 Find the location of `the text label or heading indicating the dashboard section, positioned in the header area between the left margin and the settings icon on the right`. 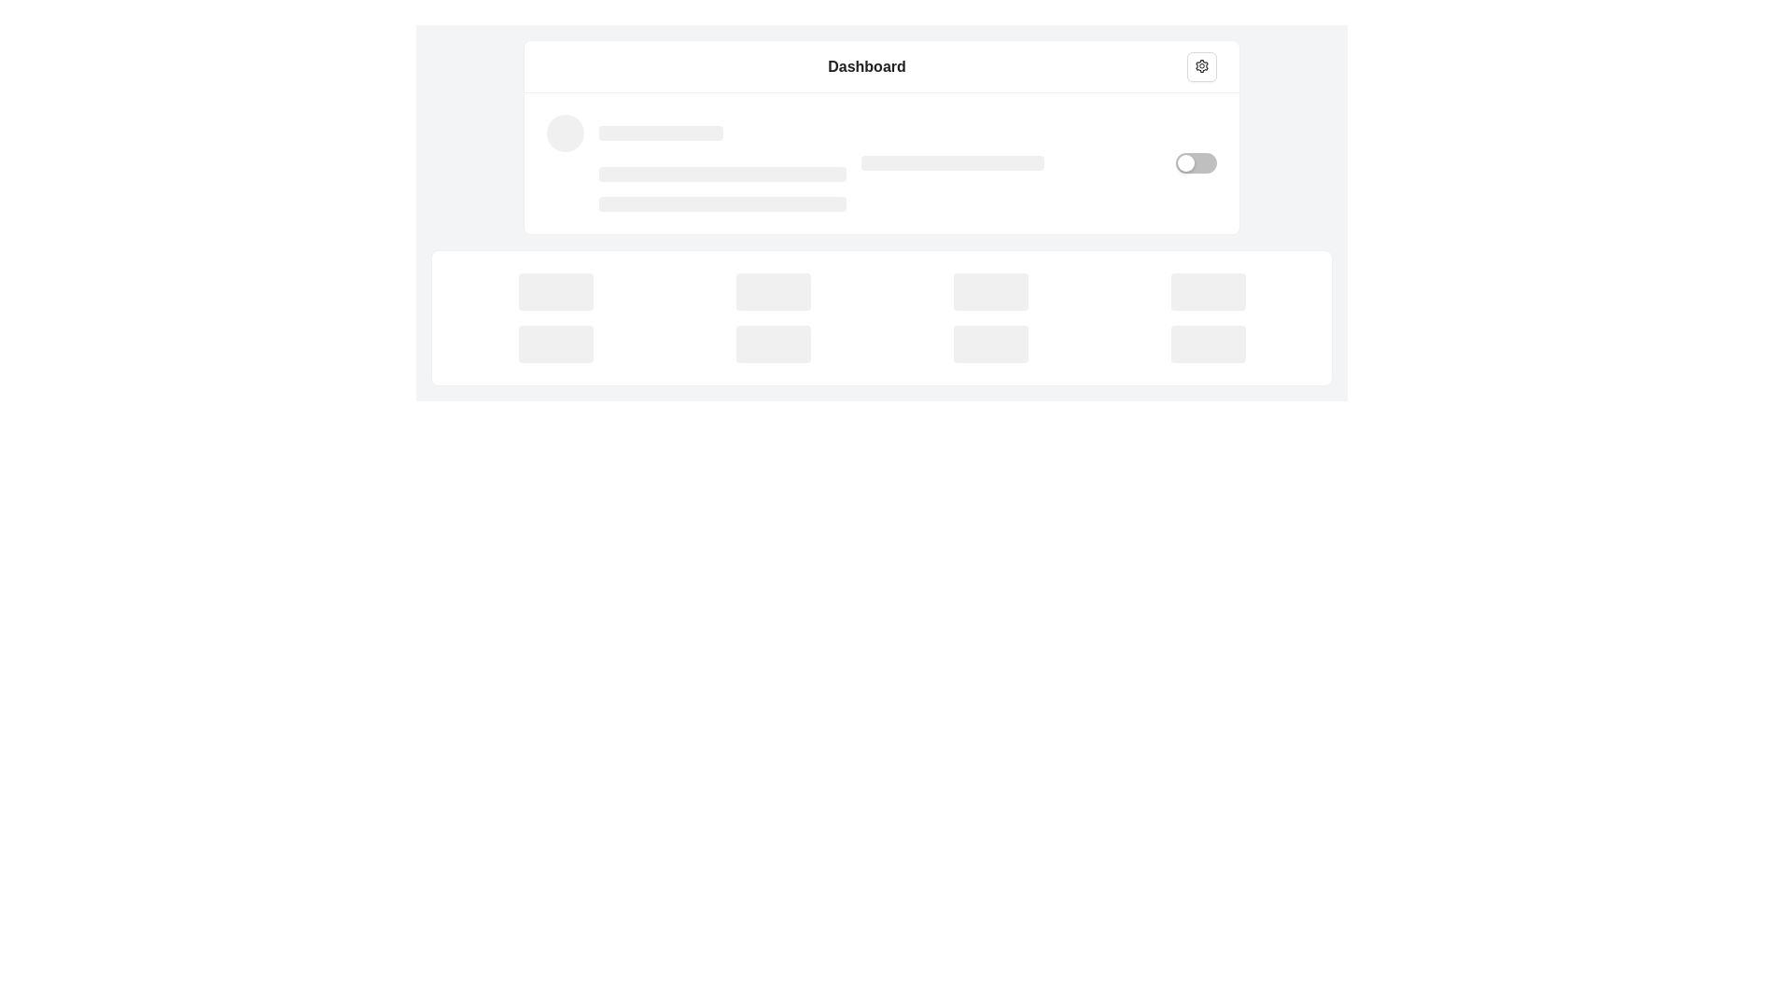

the text label or heading indicating the dashboard section, positioned in the header area between the left margin and the settings icon on the right is located at coordinates (866, 64).